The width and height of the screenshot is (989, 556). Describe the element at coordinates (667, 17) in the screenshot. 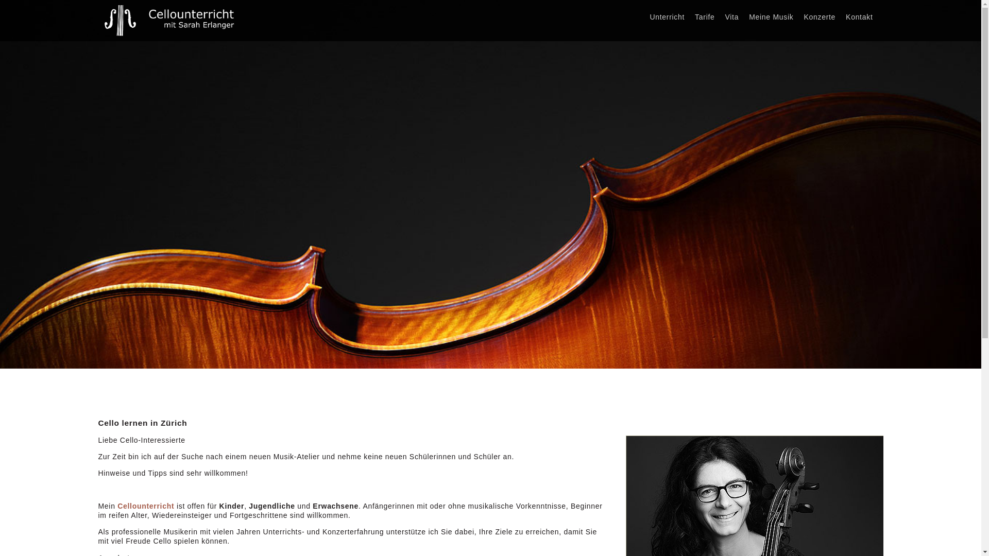

I see `'Unterricht'` at that location.